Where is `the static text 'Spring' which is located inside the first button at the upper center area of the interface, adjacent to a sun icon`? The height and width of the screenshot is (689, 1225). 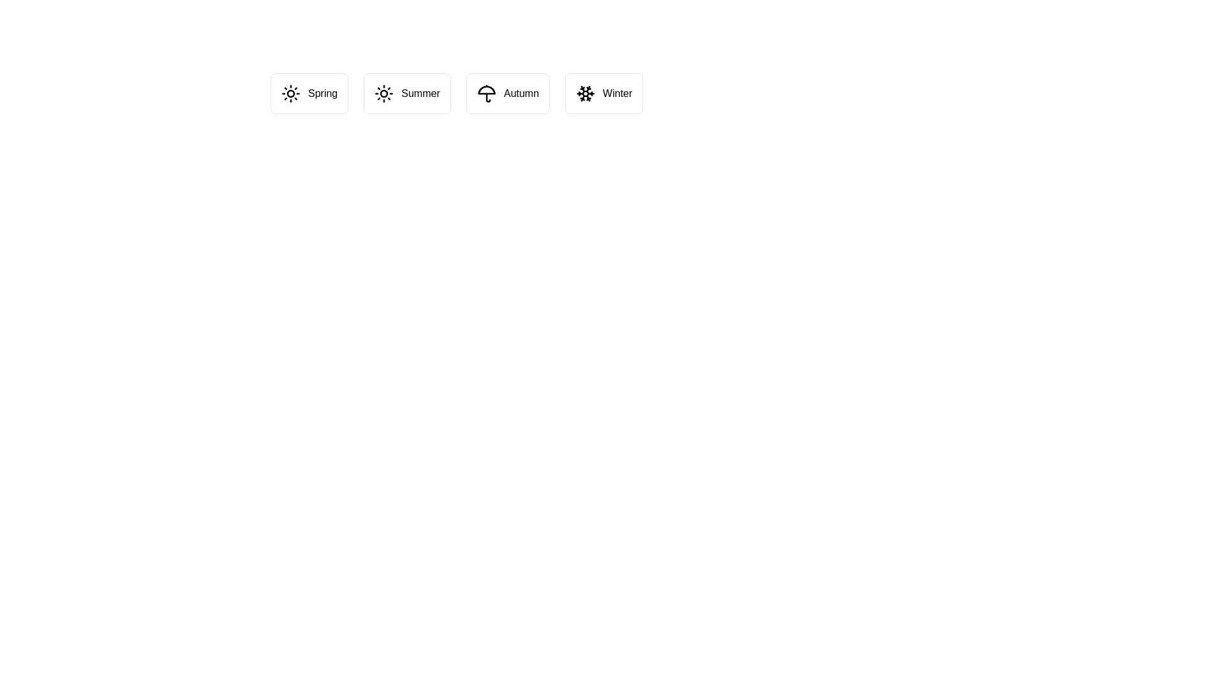
the static text 'Spring' which is located inside the first button at the upper center area of the interface, adjacent to a sun icon is located at coordinates (323, 93).